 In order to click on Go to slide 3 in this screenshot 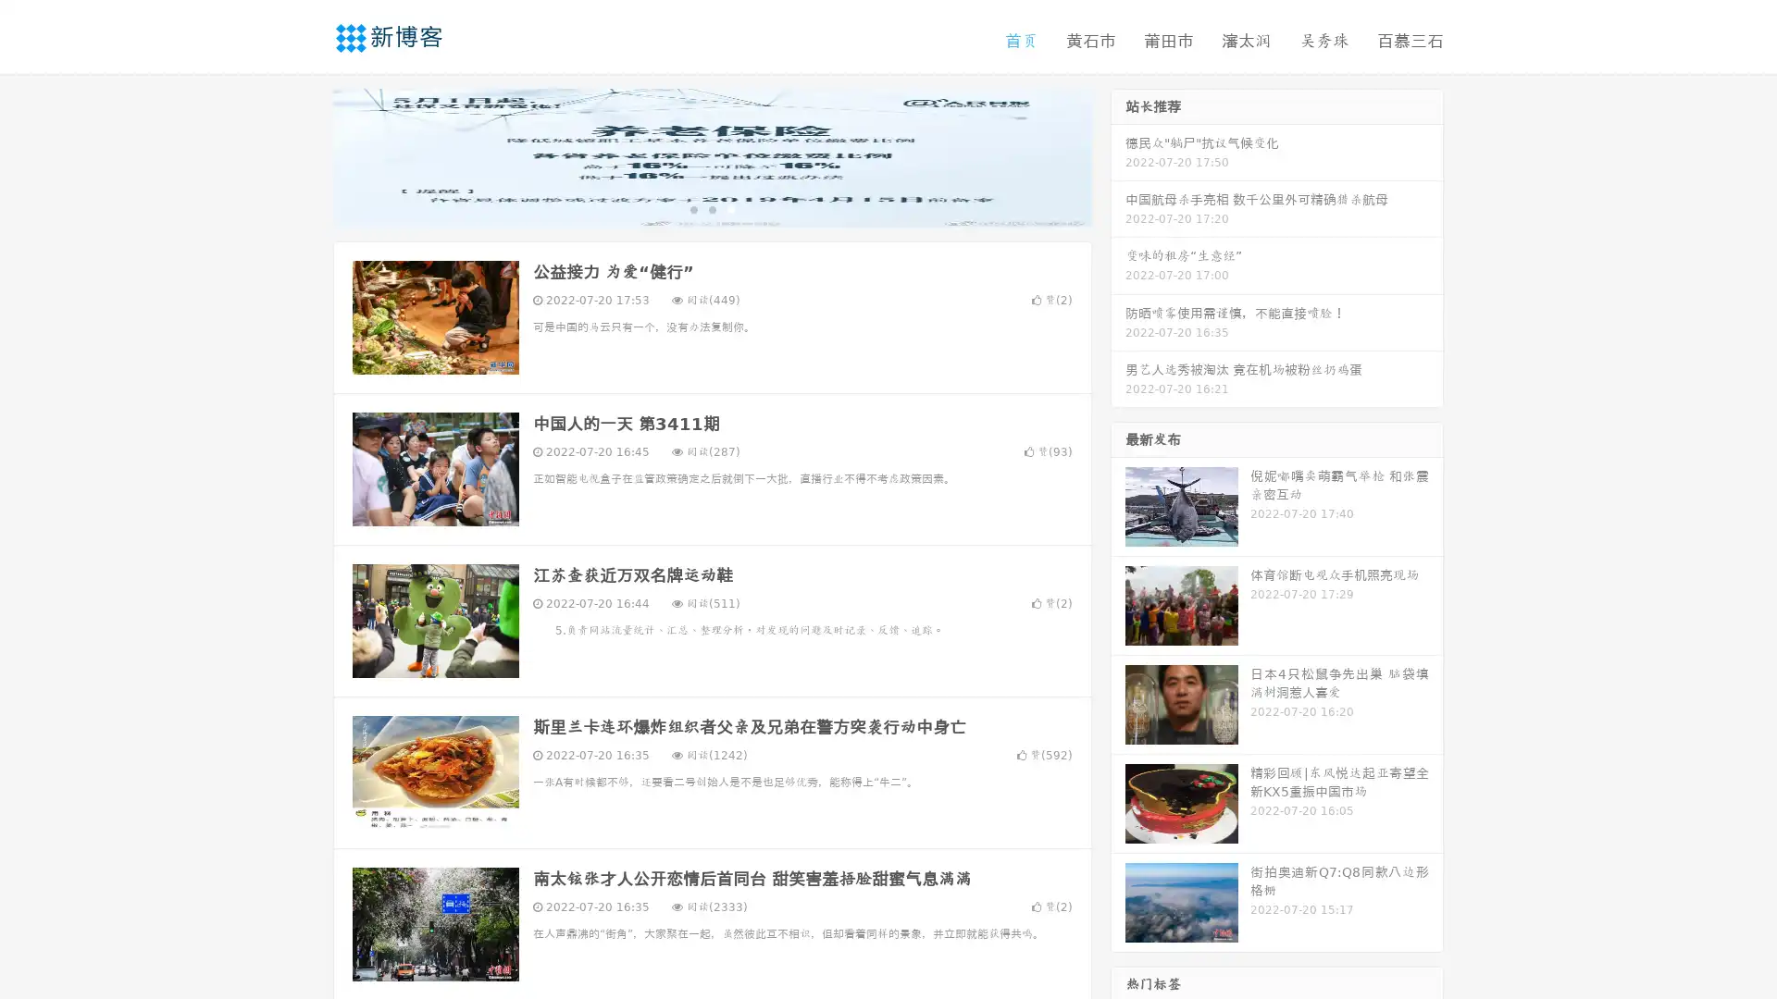, I will do `click(730, 208)`.